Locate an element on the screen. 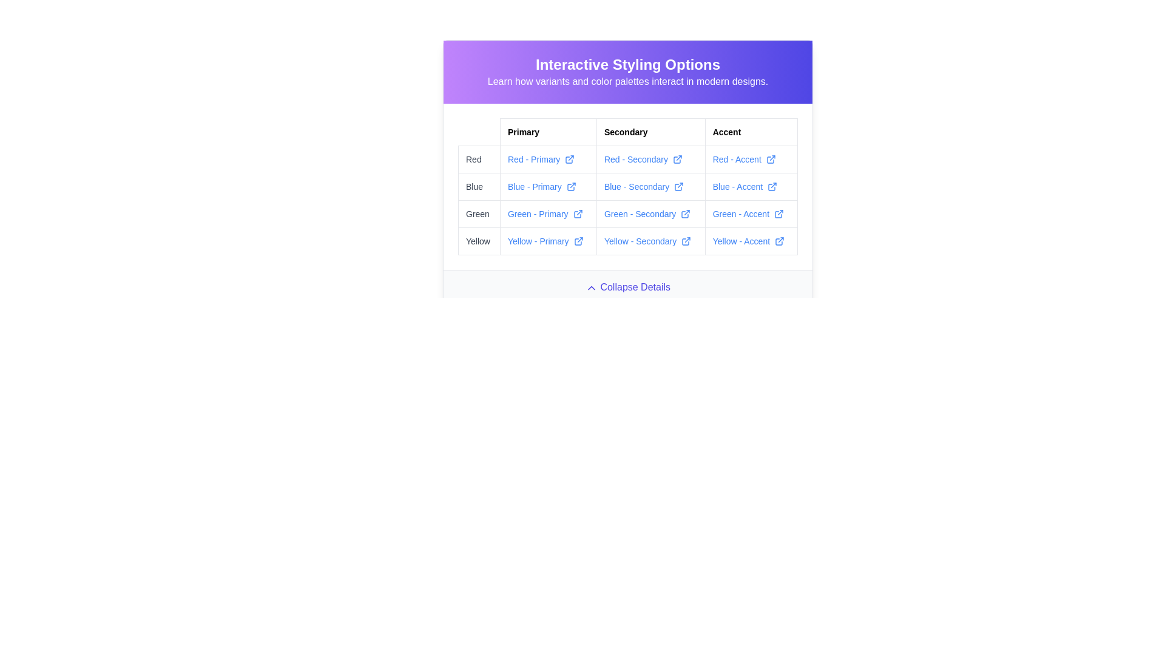  the Table Header Row containing the headers 'Primary', 'Secondary', and 'Accent' which is styled with a bold font at the top of the table is located at coordinates (628, 132).